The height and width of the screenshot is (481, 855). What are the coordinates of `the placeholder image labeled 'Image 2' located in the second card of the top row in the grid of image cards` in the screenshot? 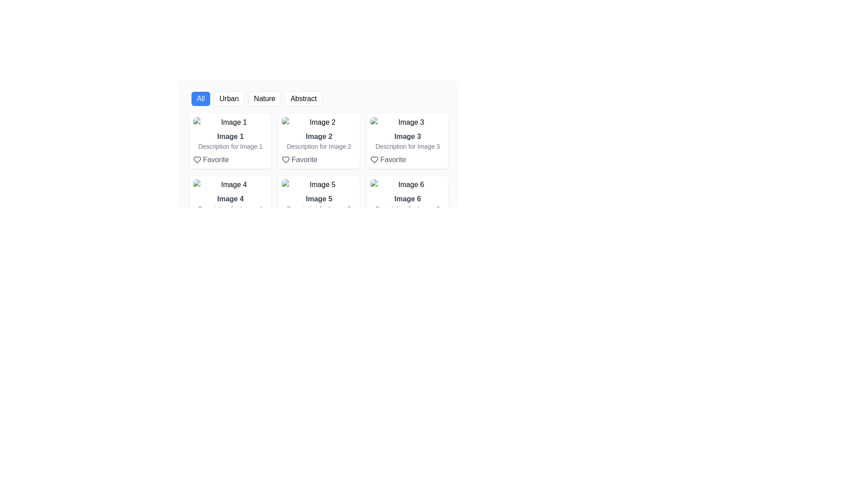 It's located at (319, 122).